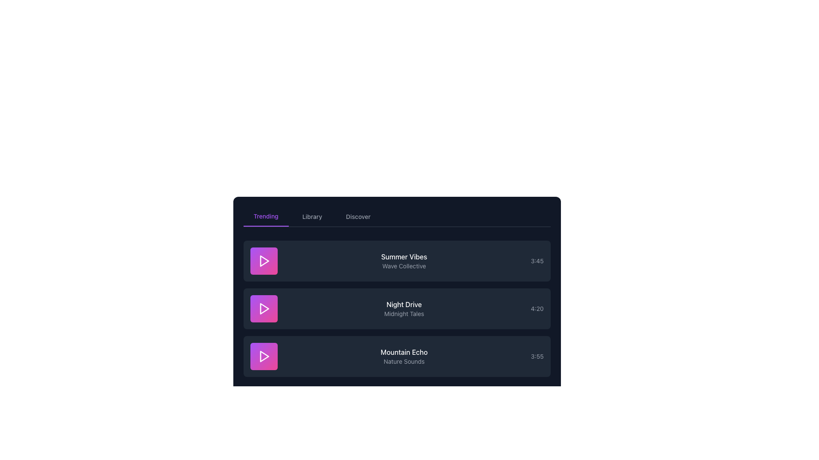 This screenshot has width=819, height=460. Describe the element at coordinates (404, 304) in the screenshot. I see `the text label 'Night Drive', which is prominently displayed in bold white font on a dark background, located above 'Midnight Tales' and between 'Summer Vibes' and 'Mountain Echo'` at that location.